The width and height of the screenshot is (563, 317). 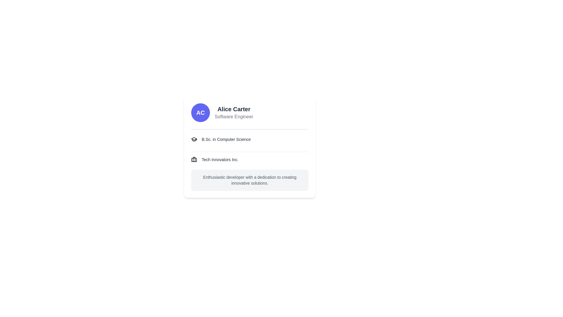 I want to click on the Profile Header which features a blue circular background with initials 'AC' and the name 'Alice Carter' with the title 'Software Engineer' below, so click(x=250, y=116).